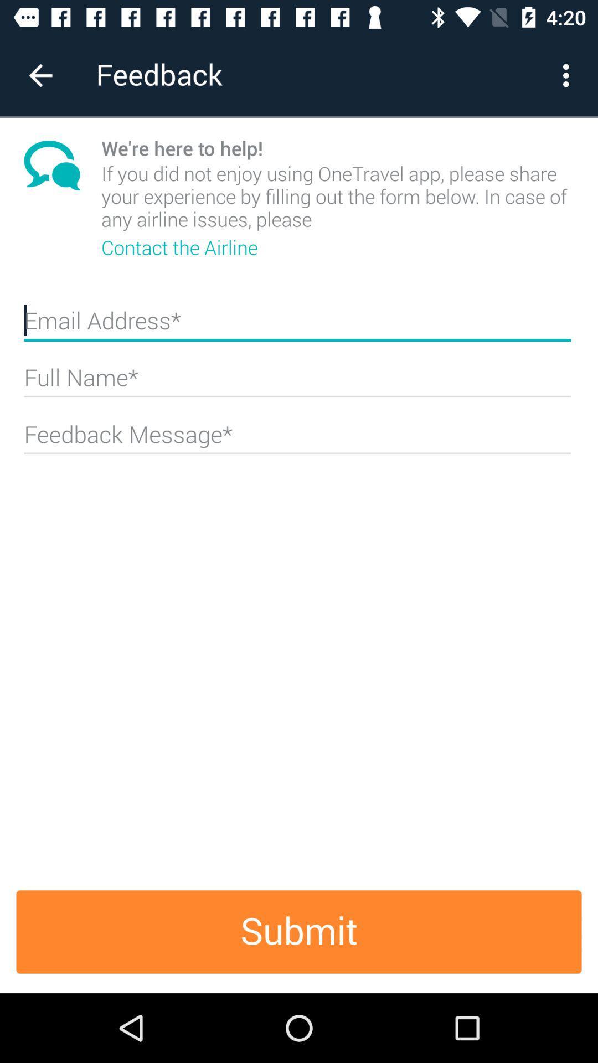 The width and height of the screenshot is (598, 1063). What do you see at coordinates (297, 438) in the screenshot?
I see `specific text` at bounding box center [297, 438].